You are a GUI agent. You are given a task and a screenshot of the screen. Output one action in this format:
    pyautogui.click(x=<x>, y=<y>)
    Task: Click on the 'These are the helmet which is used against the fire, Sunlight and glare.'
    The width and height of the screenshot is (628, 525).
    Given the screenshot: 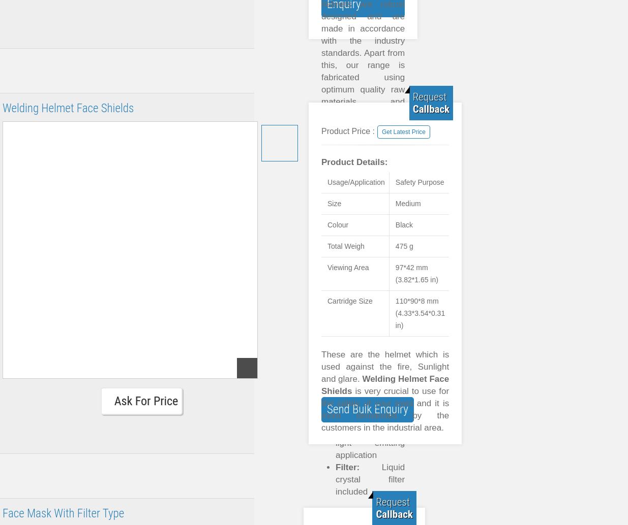 What is the action you would take?
    pyautogui.click(x=385, y=367)
    